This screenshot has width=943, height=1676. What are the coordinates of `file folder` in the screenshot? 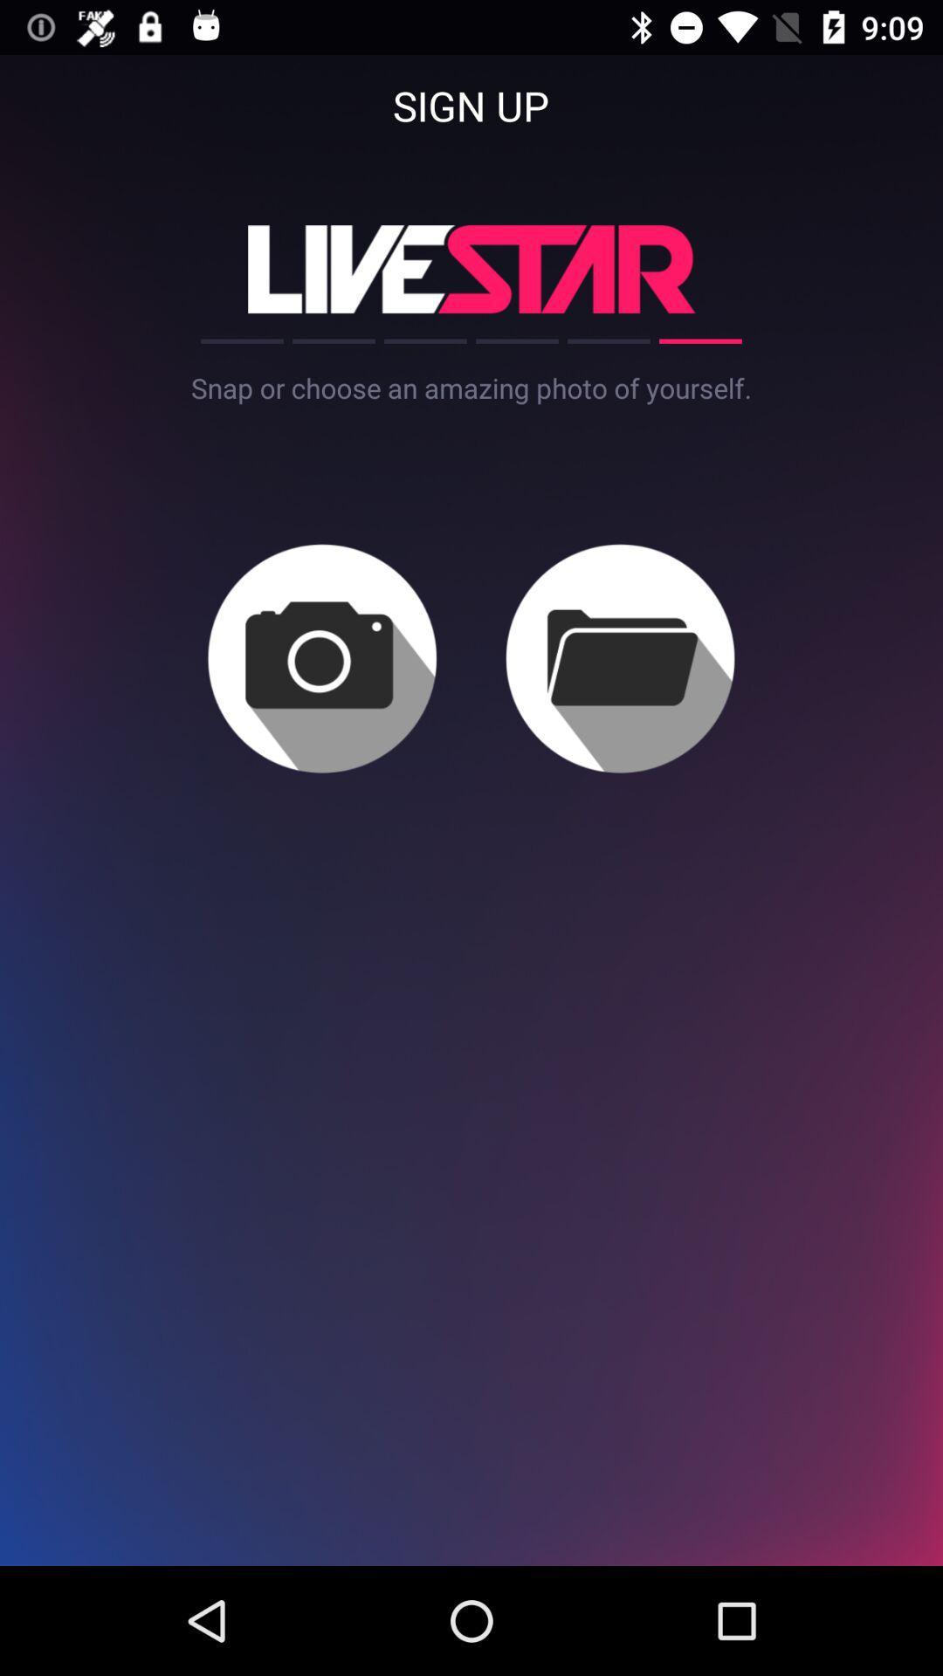 It's located at (619, 657).